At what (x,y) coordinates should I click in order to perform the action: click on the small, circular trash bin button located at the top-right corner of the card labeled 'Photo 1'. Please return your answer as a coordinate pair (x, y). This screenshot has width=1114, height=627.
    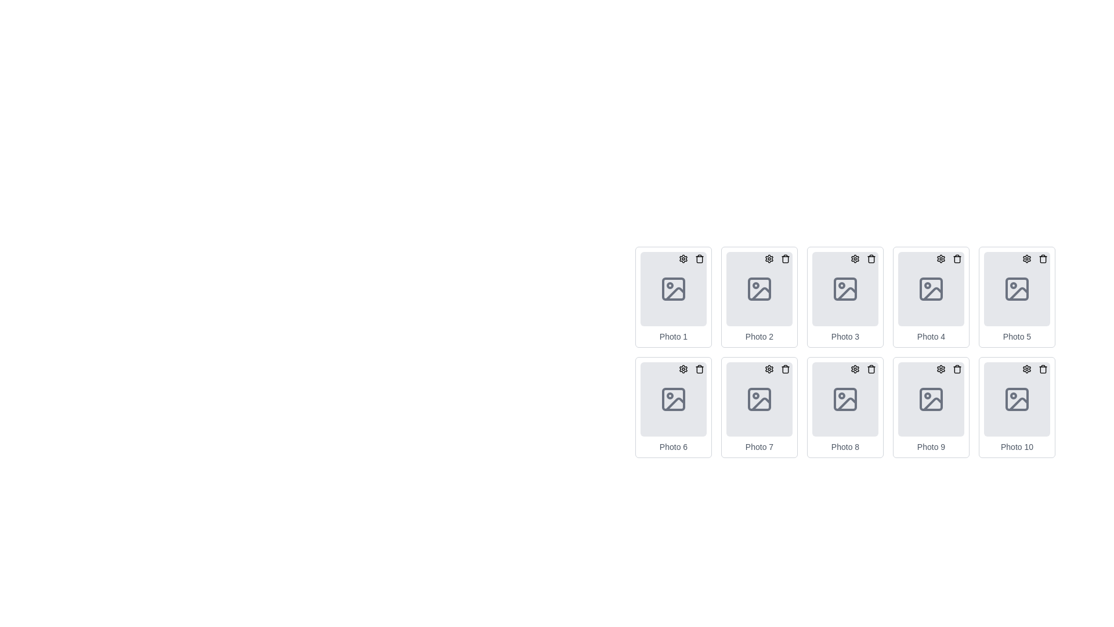
    Looking at the image, I should click on (699, 258).